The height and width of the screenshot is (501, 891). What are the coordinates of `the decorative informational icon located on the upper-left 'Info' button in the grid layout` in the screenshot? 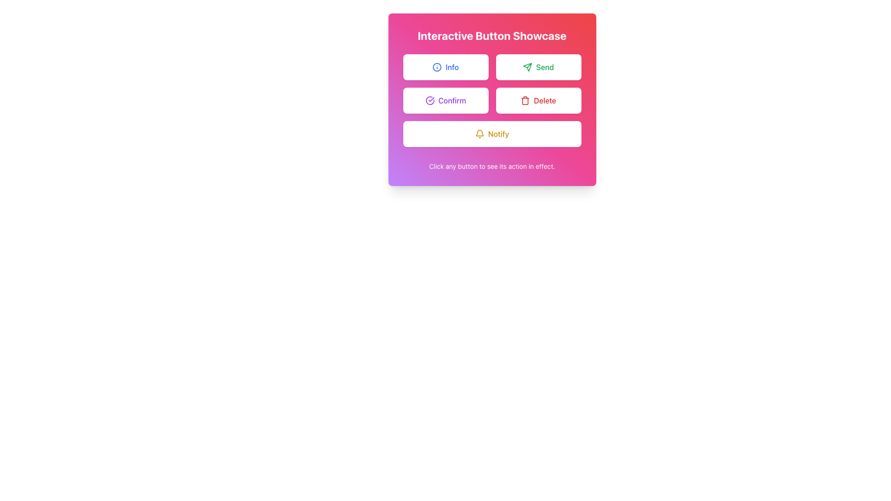 It's located at (437, 67).